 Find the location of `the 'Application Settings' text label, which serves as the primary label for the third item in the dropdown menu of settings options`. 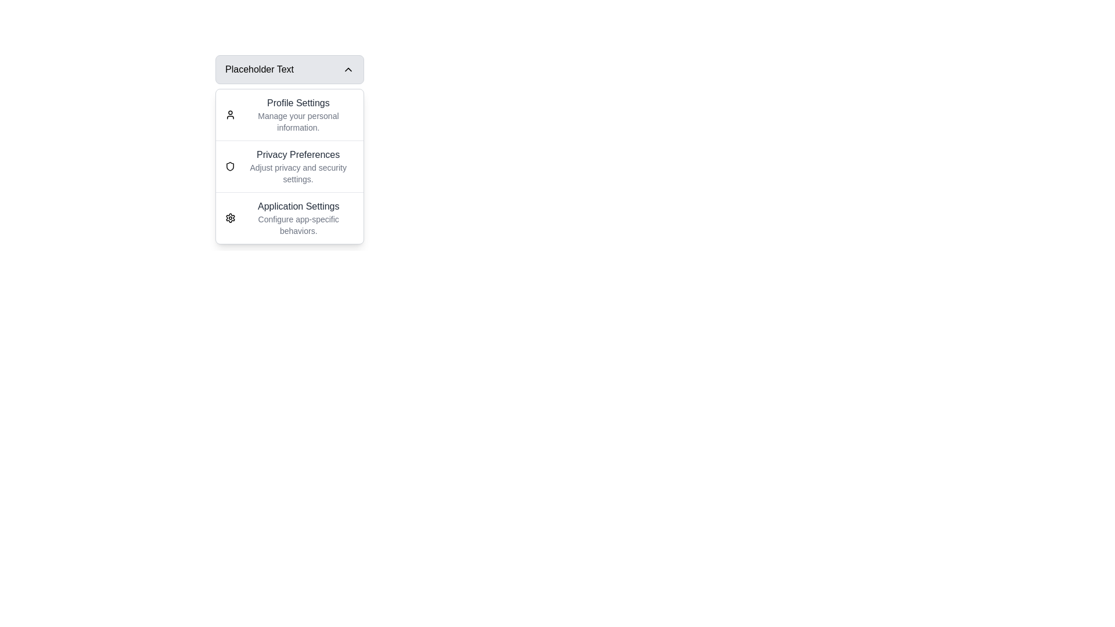

the 'Application Settings' text label, which serves as the primary label for the third item in the dropdown menu of settings options is located at coordinates (298, 206).